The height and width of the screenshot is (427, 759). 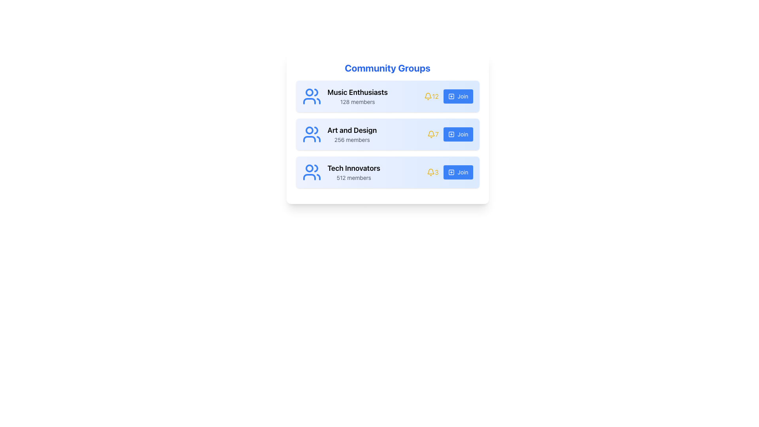 What do you see at coordinates (430, 134) in the screenshot?
I see `the yellow notification bell icon associated with the 'Art and Design' community group, located in the second row of the community groups list, to the left of the blue 'Join' button` at bounding box center [430, 134].